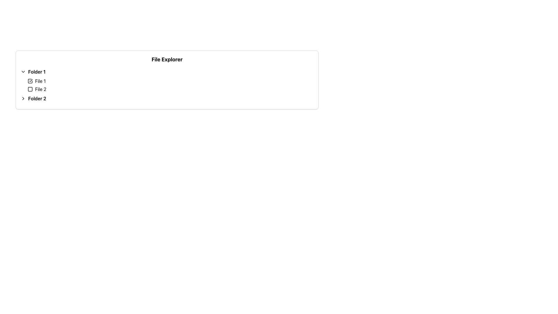 Image resolution: width=558 pixels, height=314 pixels. Describe the element at coordinates (40, 81) in the screenshot. I see `the text label displaying 'File 1' to focus on it, which is positioned to the immediate right of a checkbox in the hierarchical tree menu under 'Folder 1'` at that location.